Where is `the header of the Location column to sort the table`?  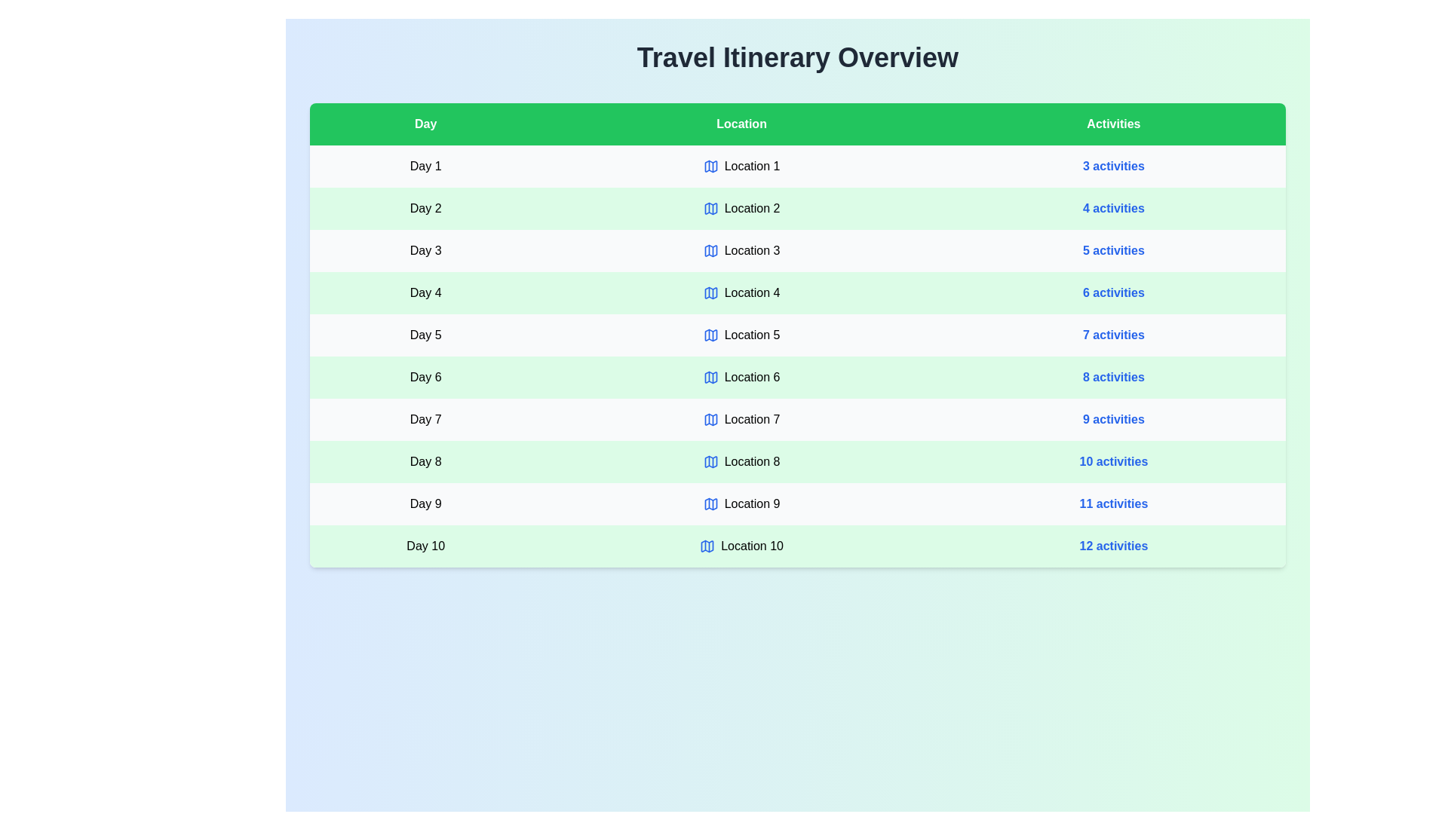
the header of the Location column to sort the table is located at coordinates (741, 124).